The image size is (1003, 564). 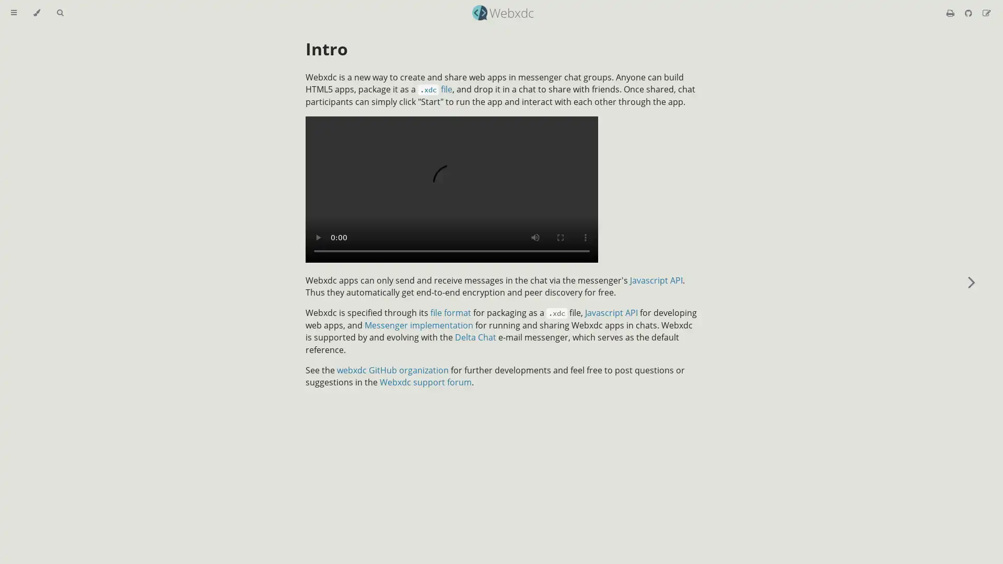 I want to click on mute, so click(x=535, y=238).